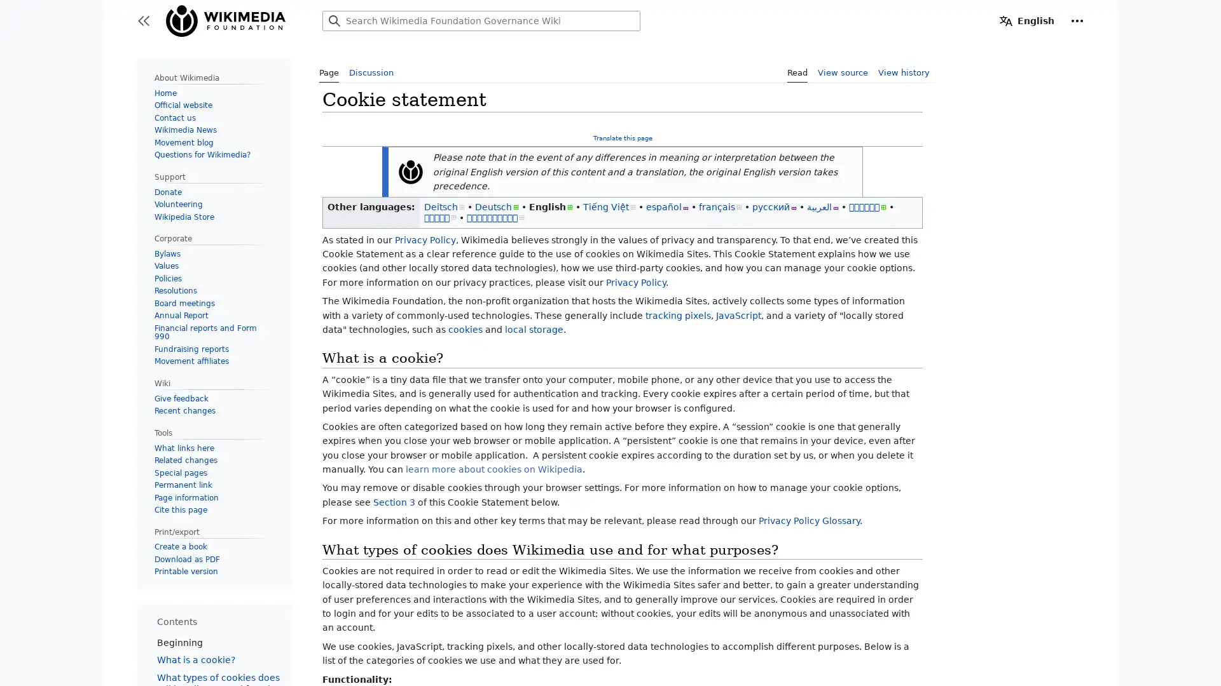  What do you see at coordinates (335, 21) in the screenshot?
I see `Go` at bounding box center [335, 21].